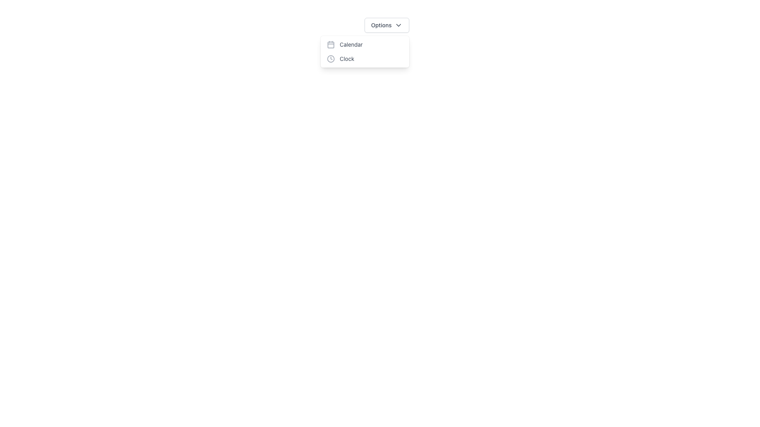 The image size is (760, 427). What do you see at coordinates (365, 44) in the screenshot?
I see `the first menu item in the dropdown menu below the 'Options' button` at bounding box center [365, 44].